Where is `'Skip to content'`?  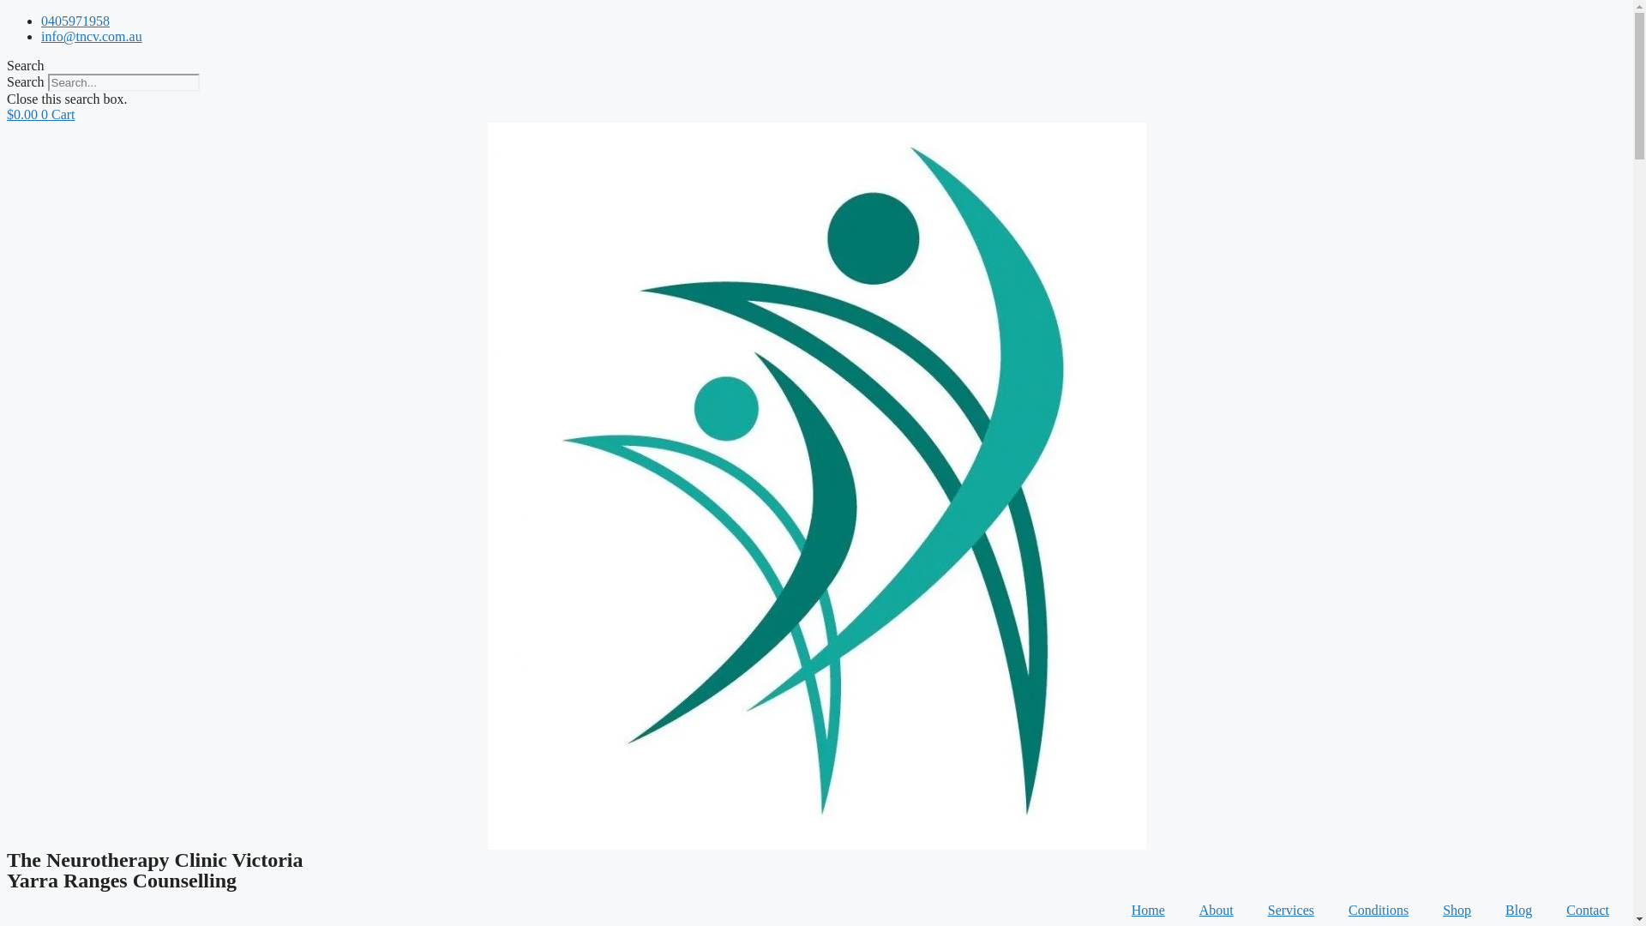 'Skip to content' is located at coordinates (6, 13).